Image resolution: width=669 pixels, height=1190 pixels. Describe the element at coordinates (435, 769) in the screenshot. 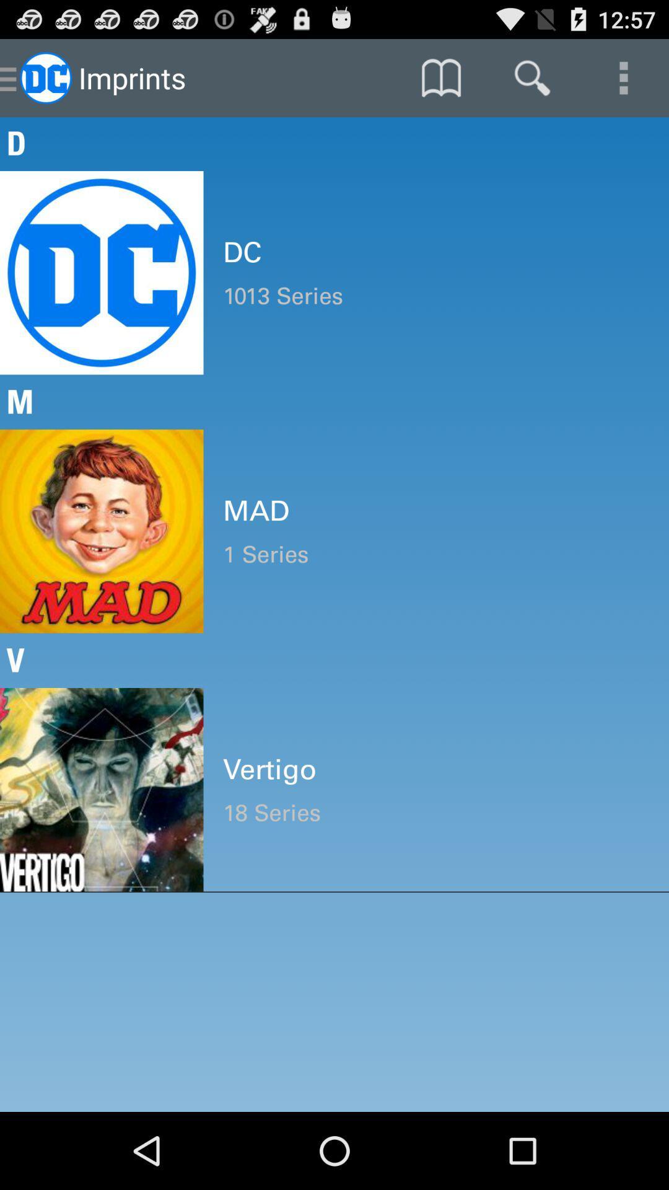

I see `item below the v item` at that location.